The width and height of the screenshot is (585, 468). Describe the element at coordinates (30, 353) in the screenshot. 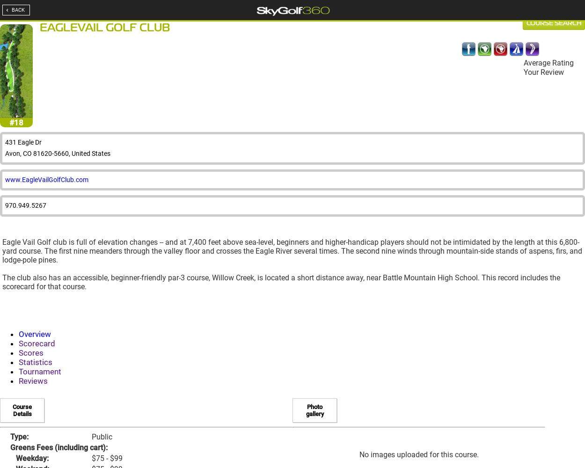

I see `'Scores'` at that location.